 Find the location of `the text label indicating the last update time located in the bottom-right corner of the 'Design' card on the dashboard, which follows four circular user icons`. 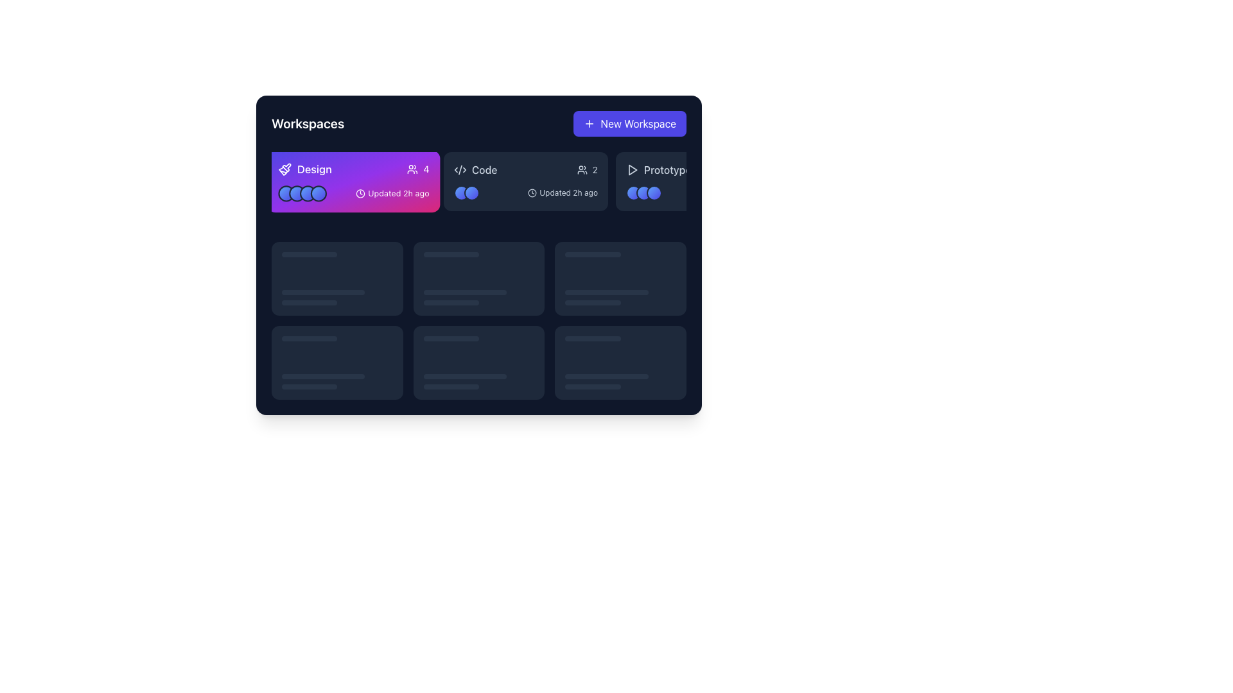

the text label indicating the last update time located in the bottom-right corner of the 'Design' card on the dashboard, which follows four circular user icons is located at coordinates (354, 193).